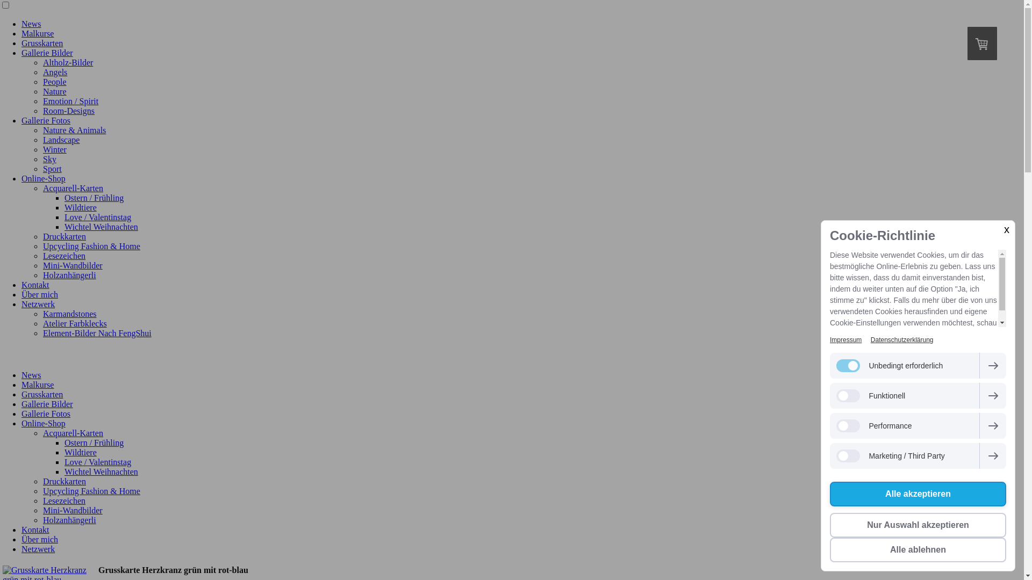 The image size is (1032, 580). What do you see at coordinates (64, 236) in the screenshot?
I see `'Druckkarten'` at bounding box center [64, 236].